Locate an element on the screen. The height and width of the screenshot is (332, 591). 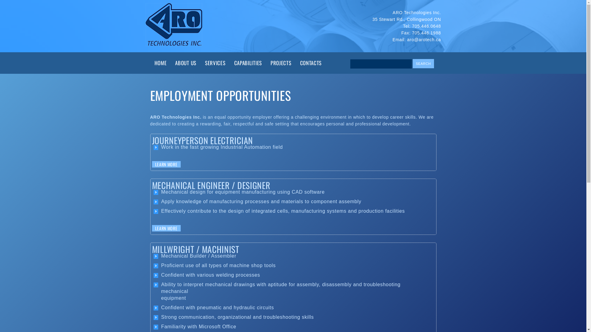
'PROJECTS' is located at coordinates (266, 63).